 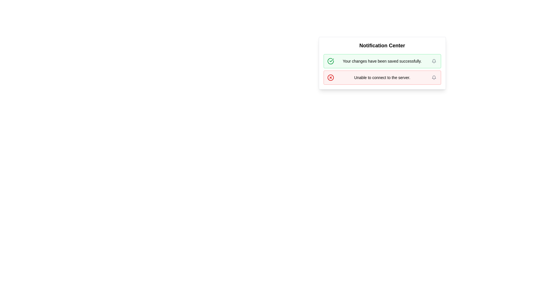 What do you see at coordinates (382, 61) in the screenshot?
I see `the notification message text area located in the 'Notification Center' widget, which indicates that changes were successfully saved` at bounding box center [382, 61].